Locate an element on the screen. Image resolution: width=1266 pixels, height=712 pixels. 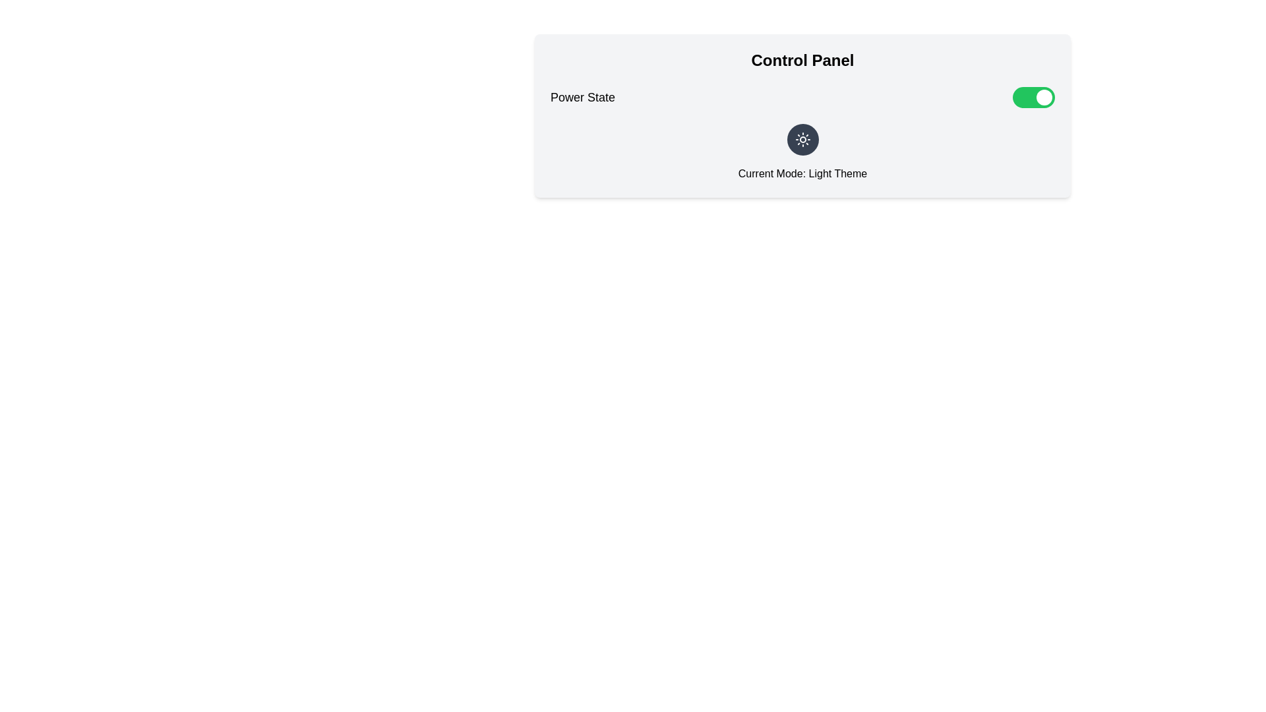
the static text label indicating 'Light Theme', which provides operational mode feedback, located below the sun icon is located at coordinates (802, 173).